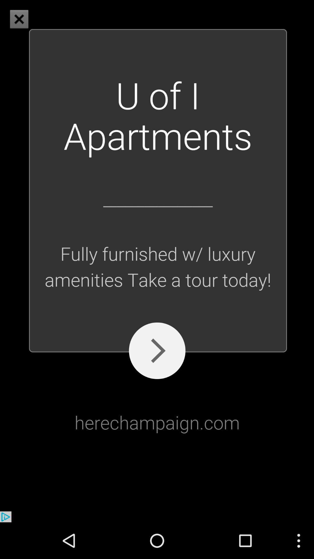 The image size is (314, 559). Describe the element at coordinates (19, 20) in the screenshot. I see `the close icon` at that location.